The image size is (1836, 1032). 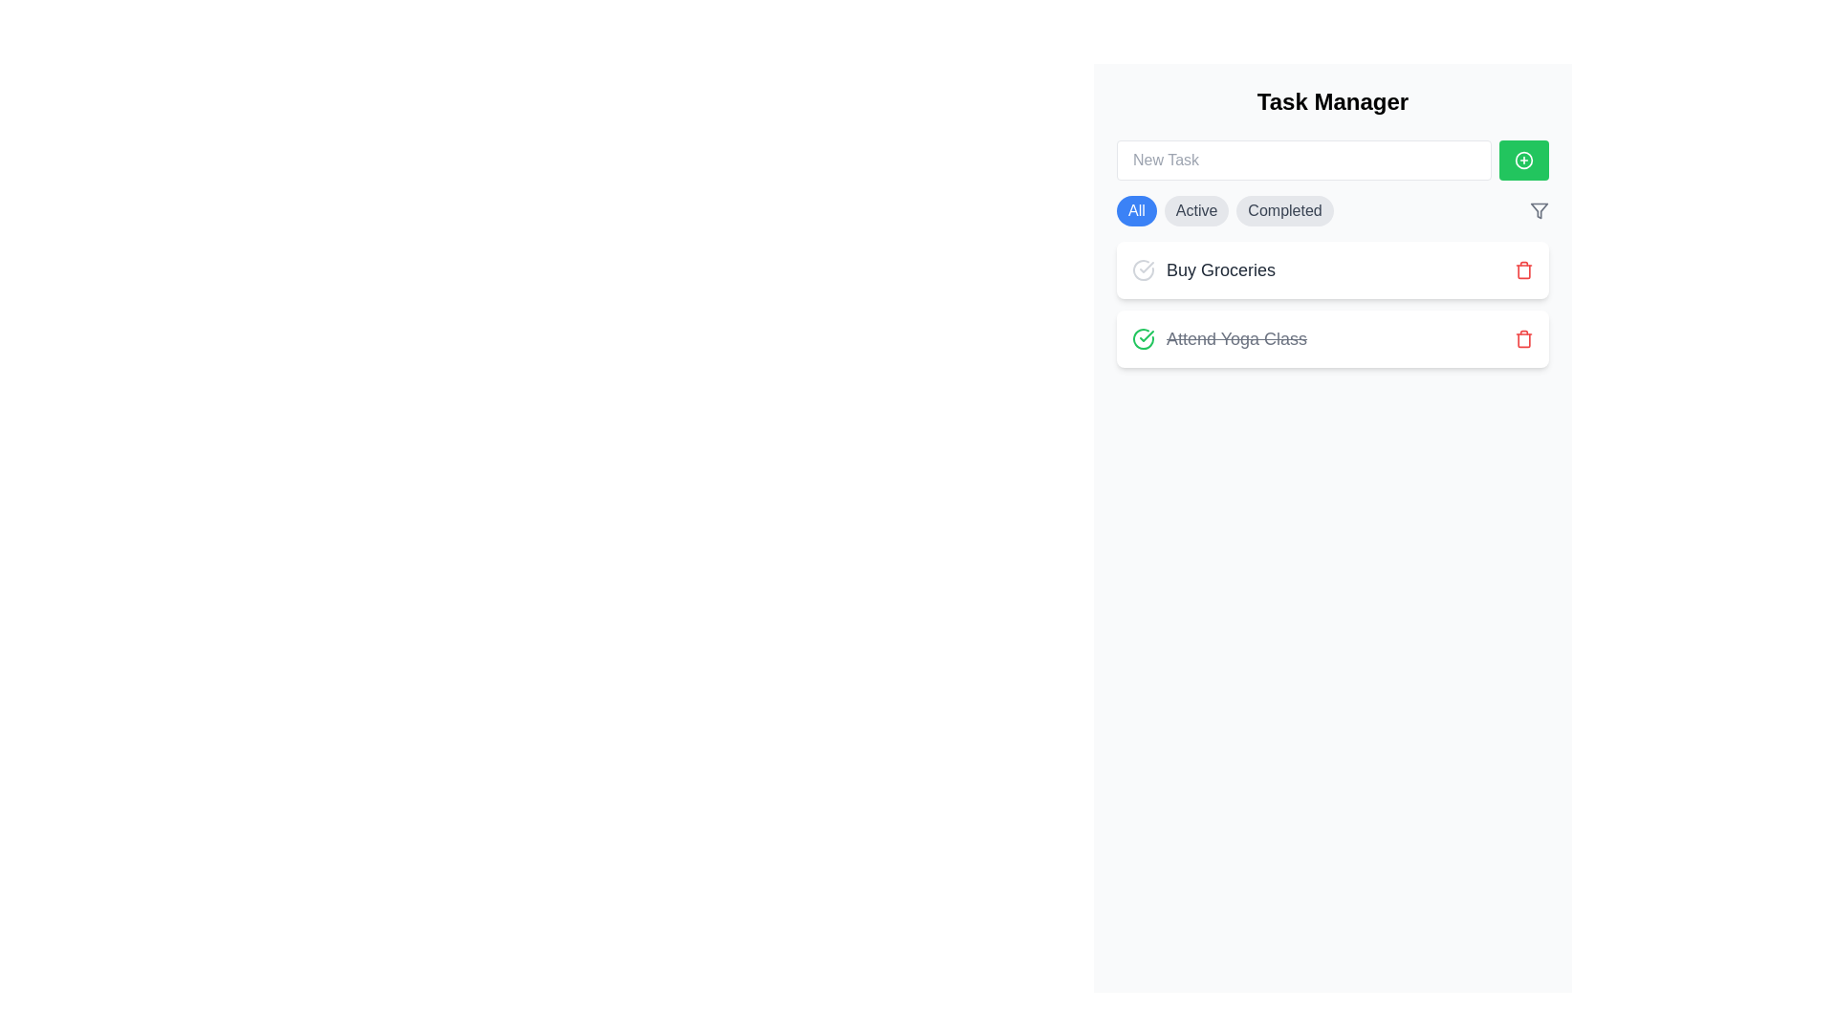 What do you see at coordinates (1143, 269) in the screenshot?
I see `the circular status icon located in the first task row titled 'Buy Groceries'` at bounding box center [1143, 269].